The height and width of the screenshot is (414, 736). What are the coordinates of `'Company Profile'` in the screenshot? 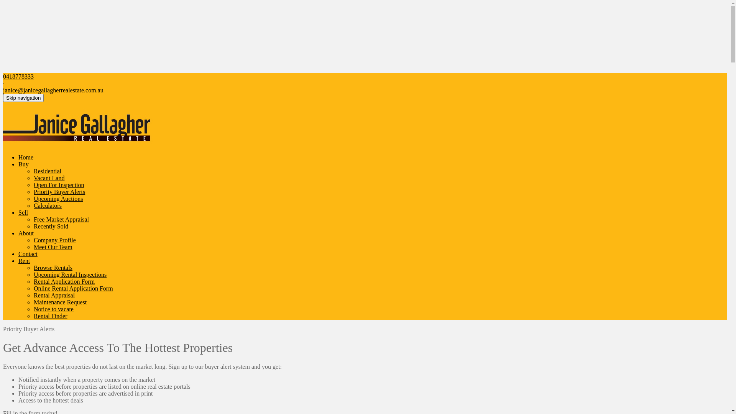 It's located at (54, 240).